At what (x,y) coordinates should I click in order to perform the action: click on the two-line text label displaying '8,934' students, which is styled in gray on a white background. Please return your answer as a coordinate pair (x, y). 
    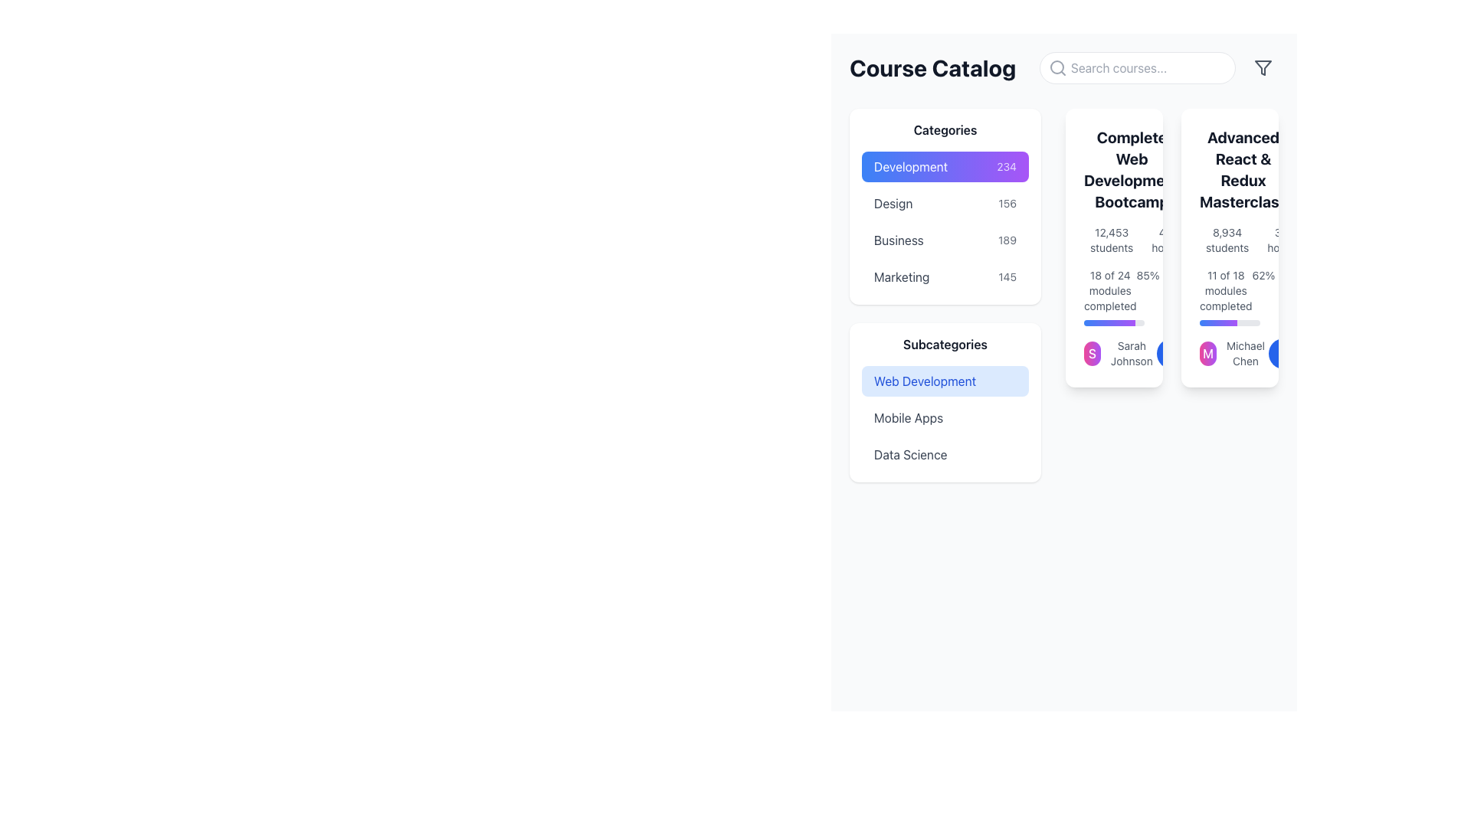
    Looking at the image, I should click on (1227, 240).